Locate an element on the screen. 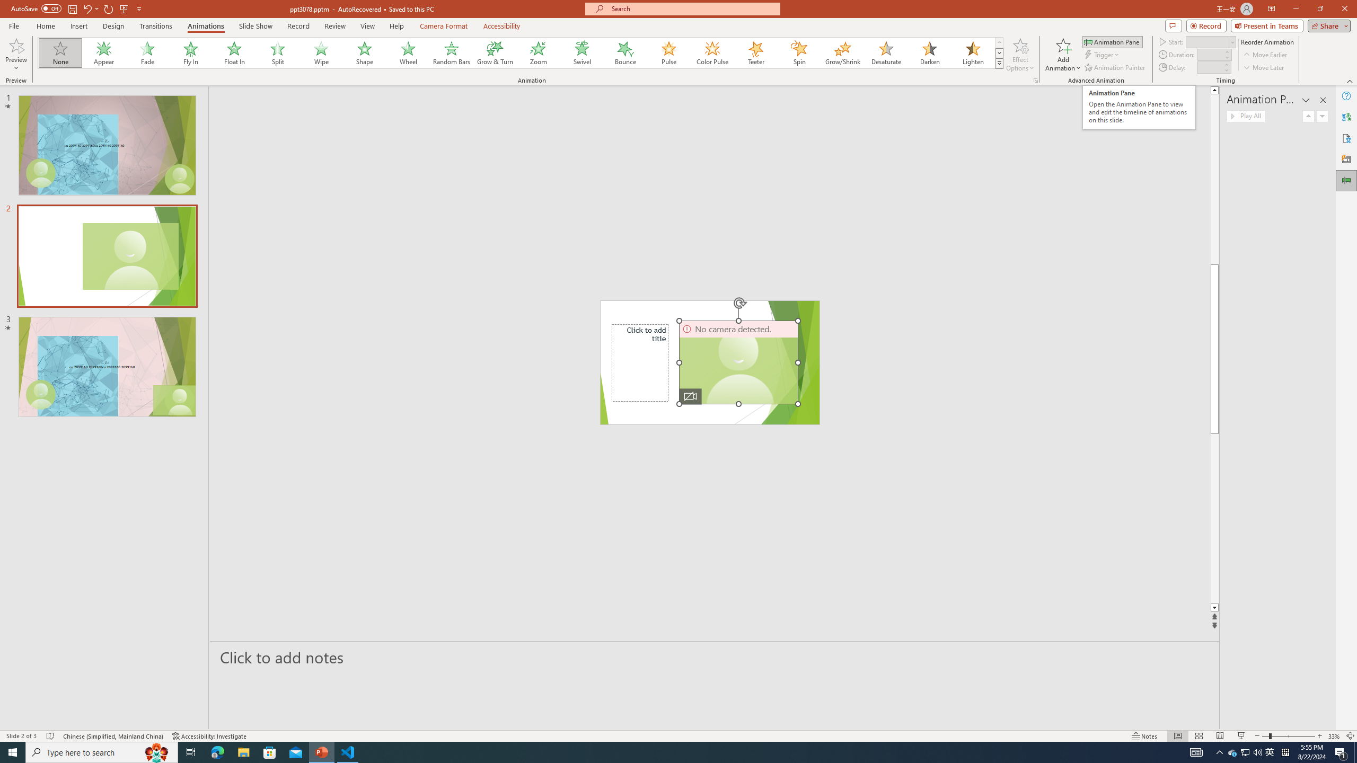  'AutomationID: AnimationGallery' is located at coordinates (521, 52).